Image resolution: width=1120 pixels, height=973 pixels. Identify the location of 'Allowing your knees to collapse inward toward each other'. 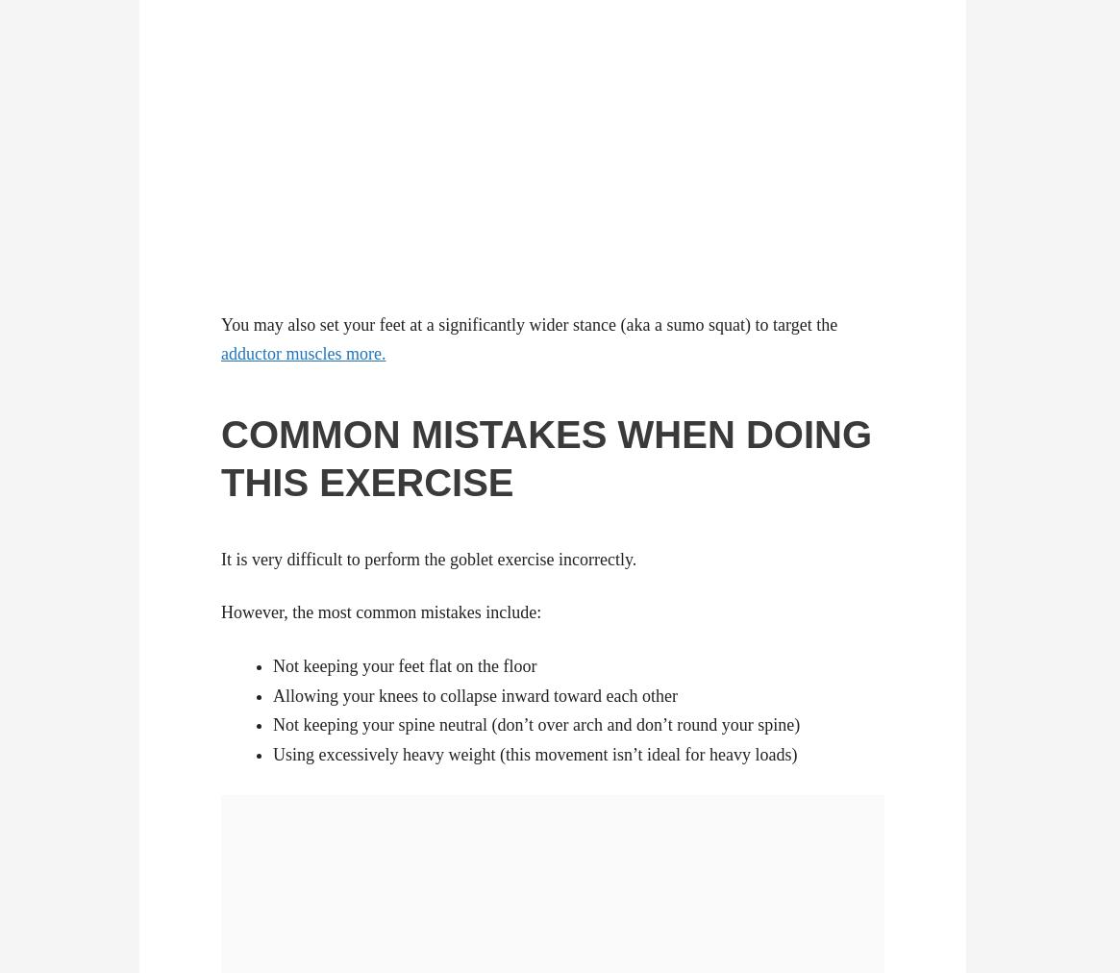
(473, 694).